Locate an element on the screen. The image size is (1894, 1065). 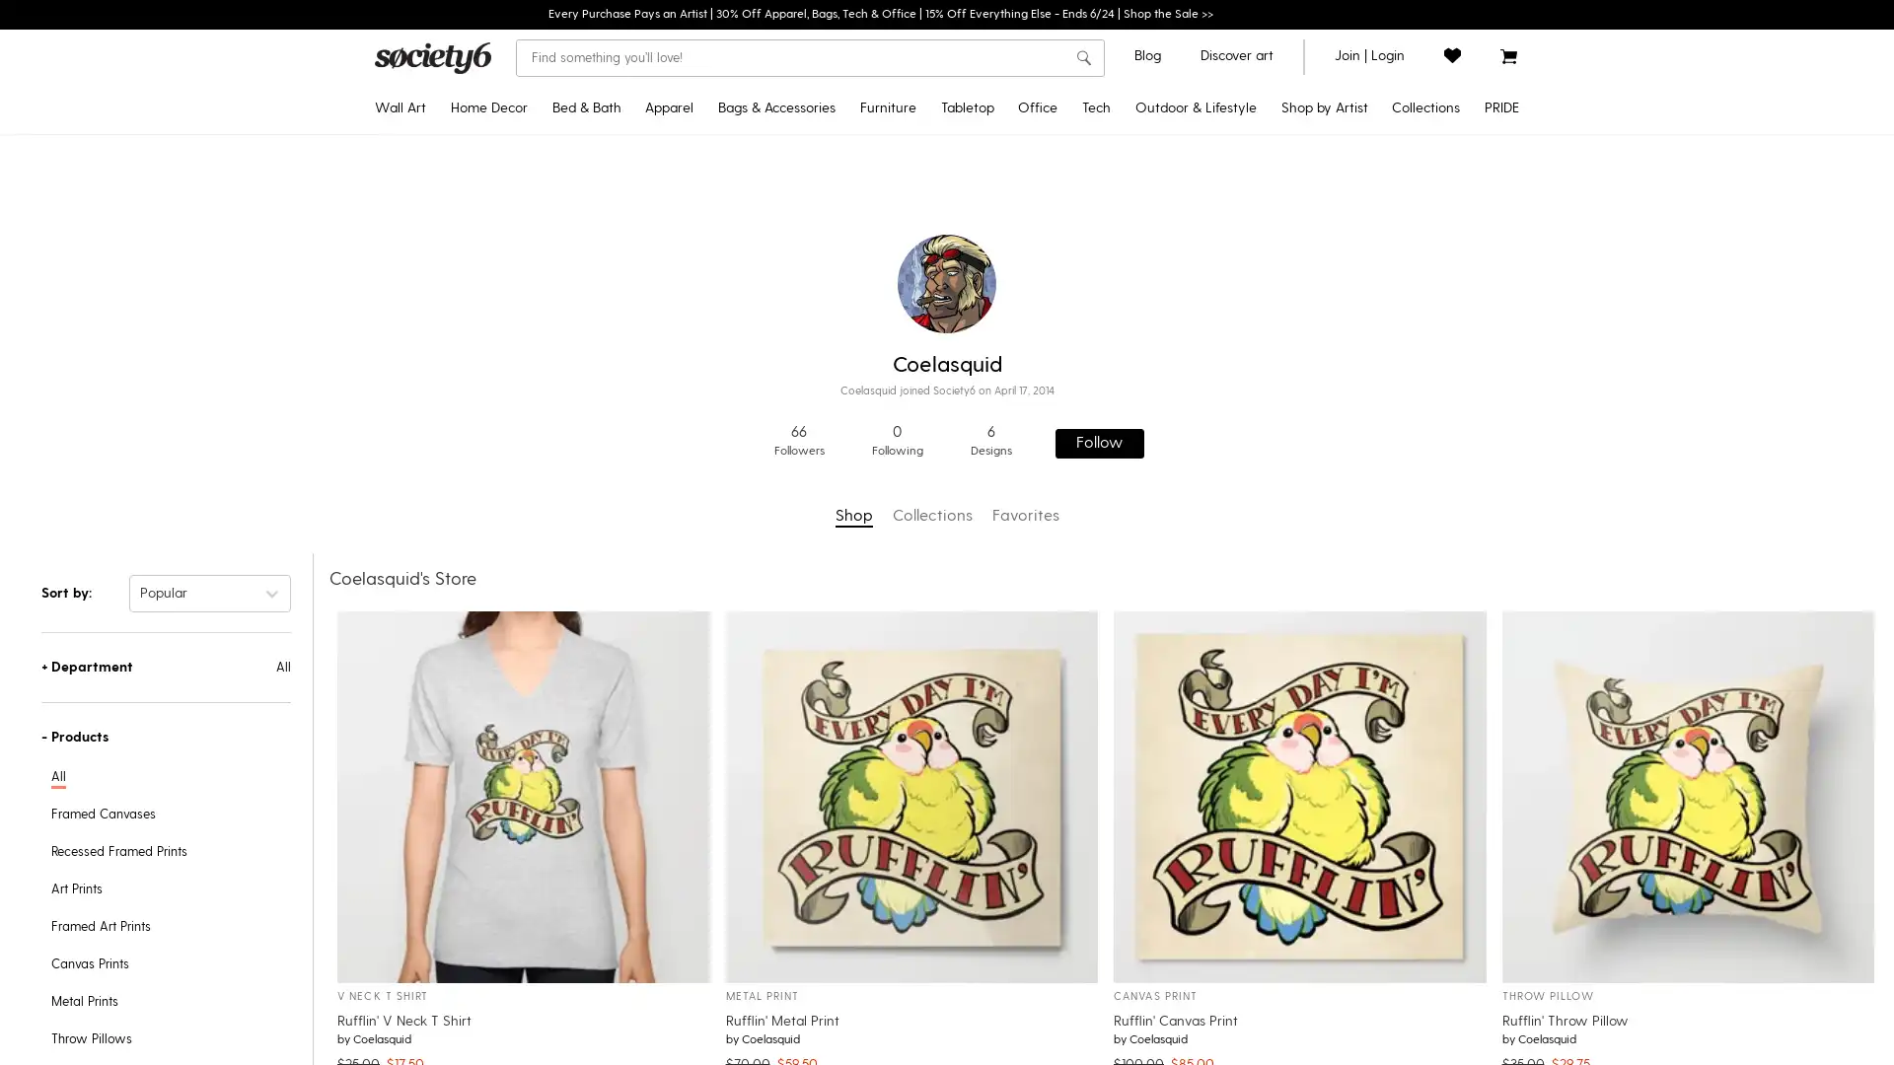
Can Coolers is located at coordinates (1221, 412).